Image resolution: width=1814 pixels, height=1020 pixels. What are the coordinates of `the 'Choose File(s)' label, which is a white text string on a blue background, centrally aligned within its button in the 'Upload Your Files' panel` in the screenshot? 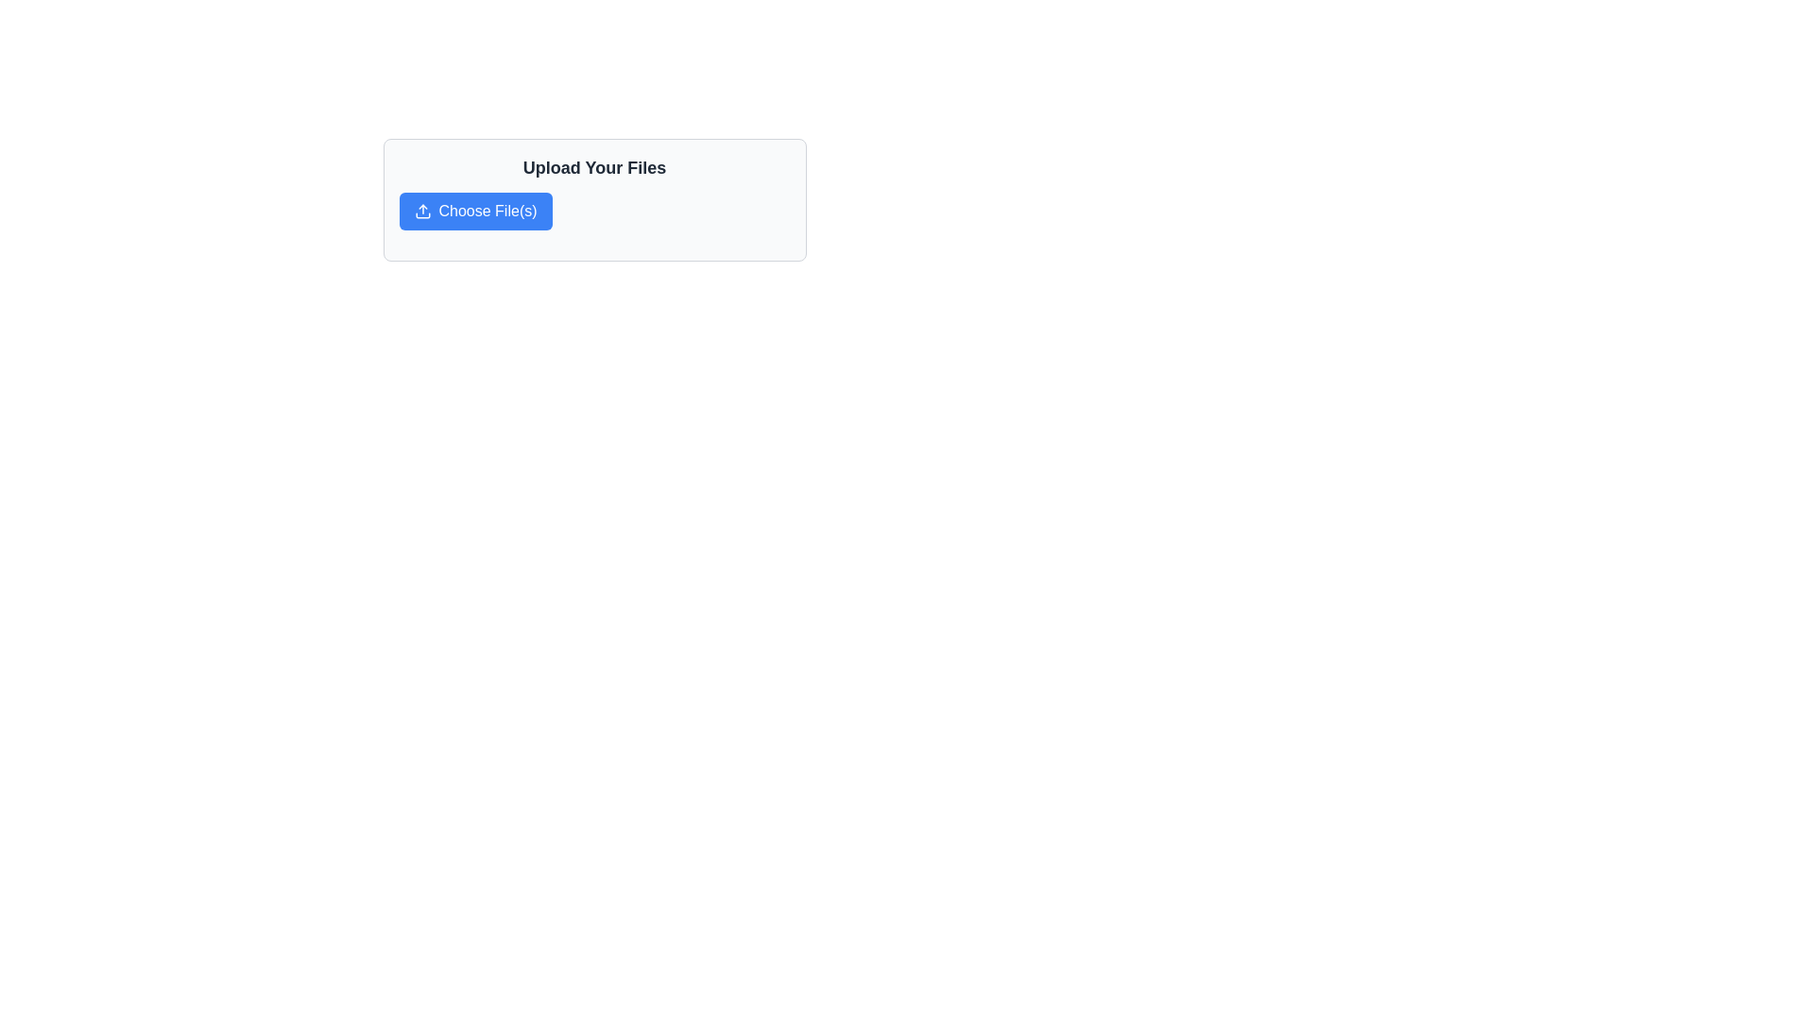 It's located at (488, 211).